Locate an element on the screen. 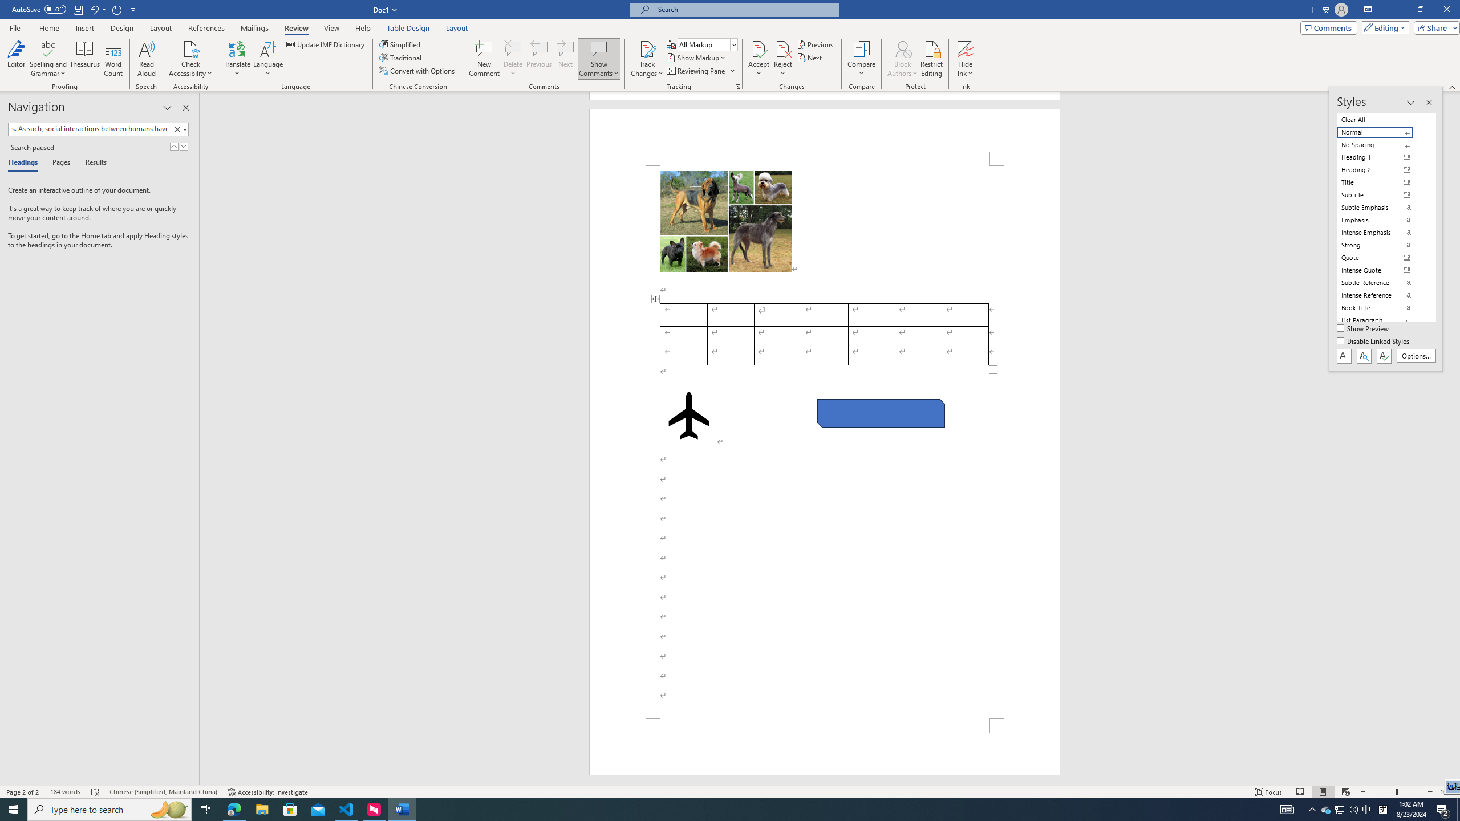 The width and height of the screenshot is (1460, 821). 'Track Changes' is located at coordinates (646, 48).